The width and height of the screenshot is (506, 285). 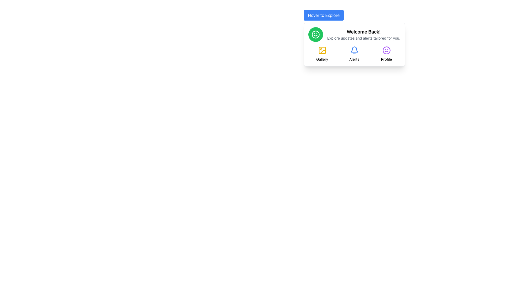 I want to click on the Gallery icon, which is a yellow outlined square with rounded corners containing a circle and a diagonal line, positioned directly under 'Welcome Back!' and to the left of the 'Alerts' icon, so click(x=322, y=50).